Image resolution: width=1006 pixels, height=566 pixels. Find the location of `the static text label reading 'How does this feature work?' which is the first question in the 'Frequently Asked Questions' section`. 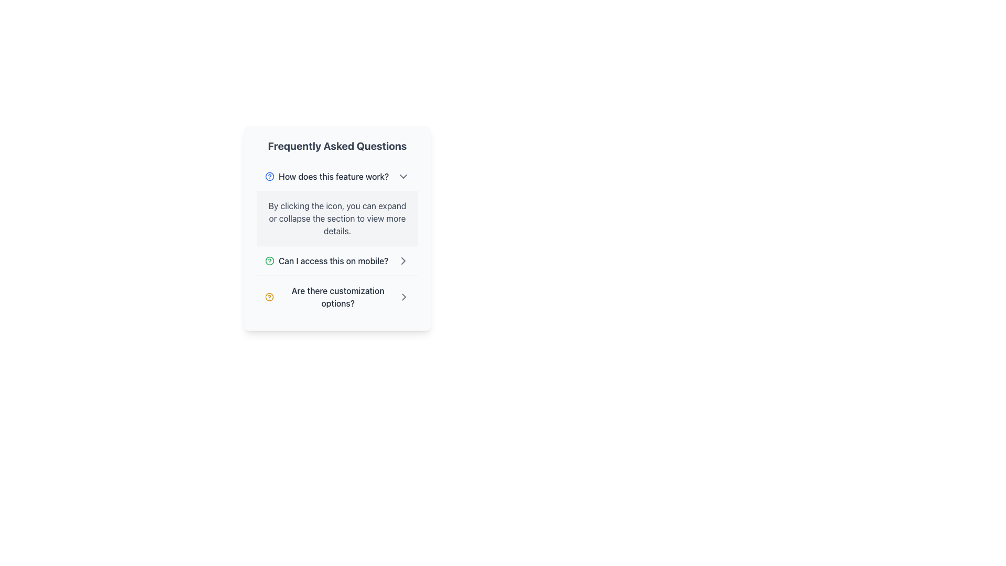

the static text label reading 'How does this feature work?' which is the first question in the 'Frequently Asked Questions' section is located at coordinates (333, 176).